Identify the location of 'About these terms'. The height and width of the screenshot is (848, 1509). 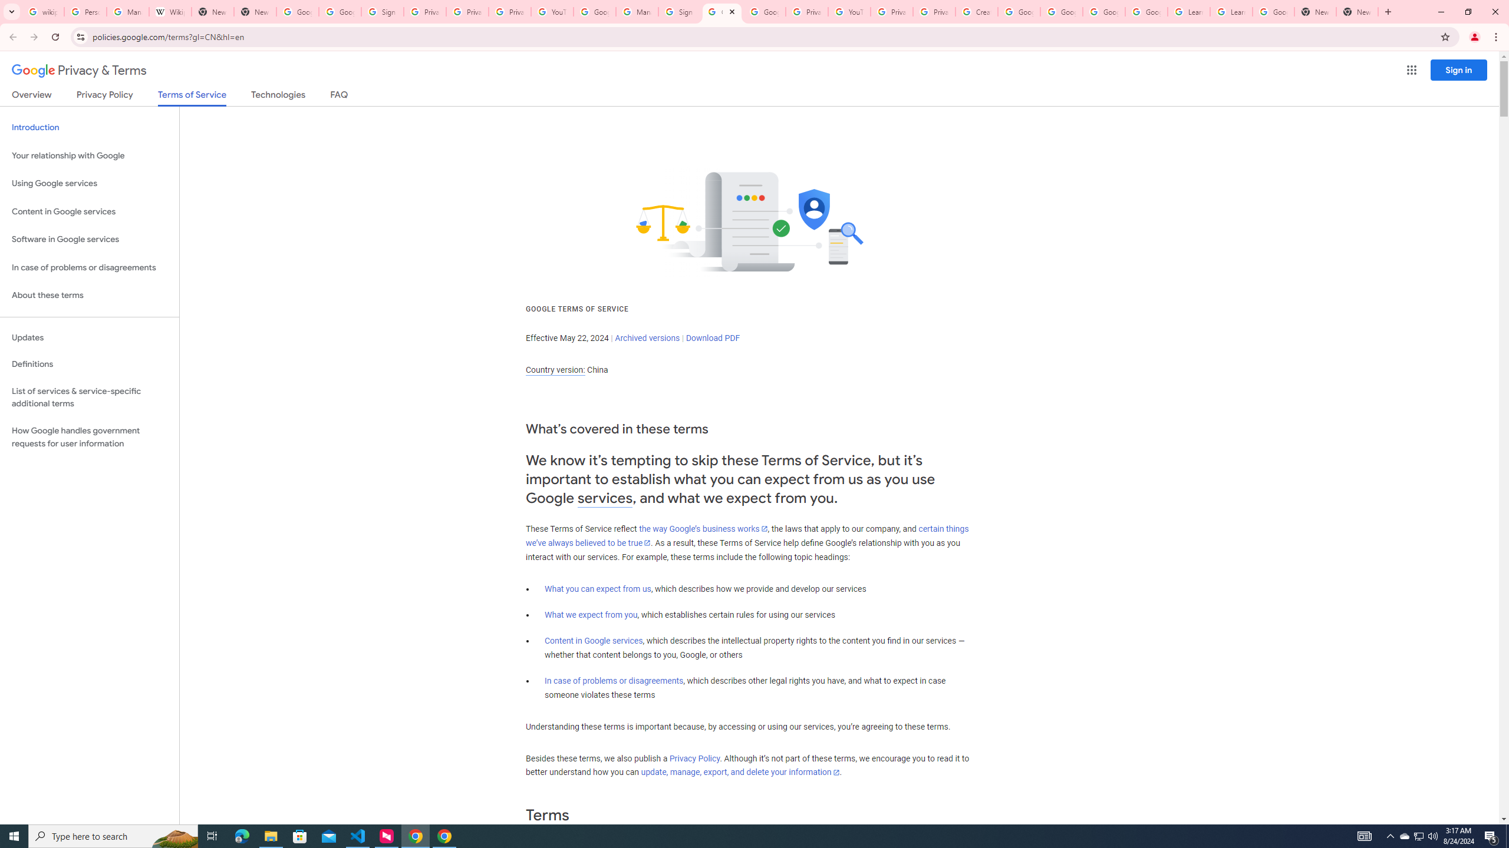
(89, 295).